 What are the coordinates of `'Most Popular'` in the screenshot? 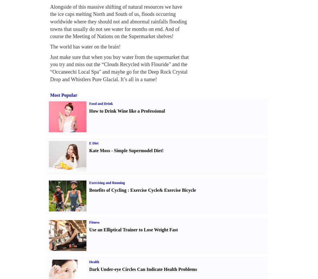 It's located at (64, 95).